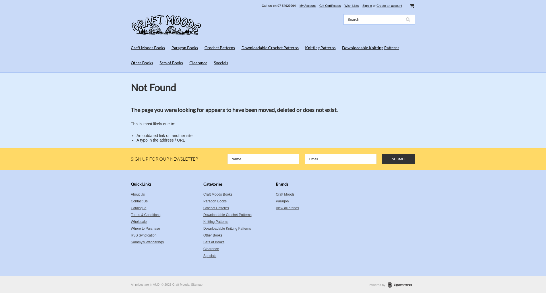 Image resolution: width=546 pixels, height=307 pixels. What do you see at coordinates (171, 63) in the screenshot?
I see `'Sets of Books'` at bounding box center [171, 63].